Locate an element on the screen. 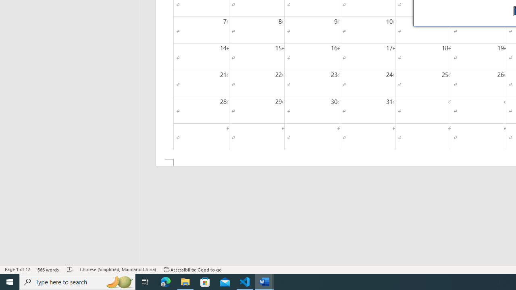  'Task View' is located at coordinates (145, 281).